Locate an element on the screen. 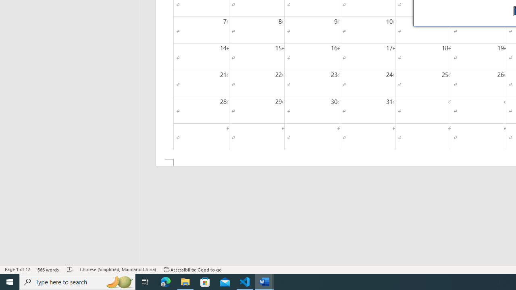  'Task View' is located at coordinates (145, 281).